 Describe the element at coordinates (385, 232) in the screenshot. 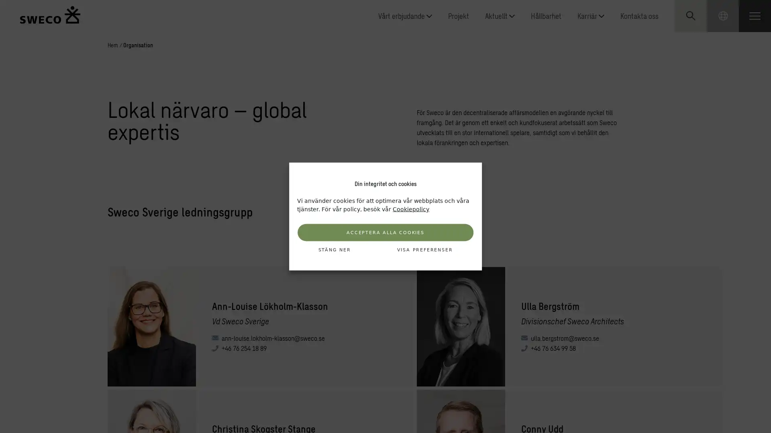

I see `ACCEPTERA ALLA COOKIES` at that location.